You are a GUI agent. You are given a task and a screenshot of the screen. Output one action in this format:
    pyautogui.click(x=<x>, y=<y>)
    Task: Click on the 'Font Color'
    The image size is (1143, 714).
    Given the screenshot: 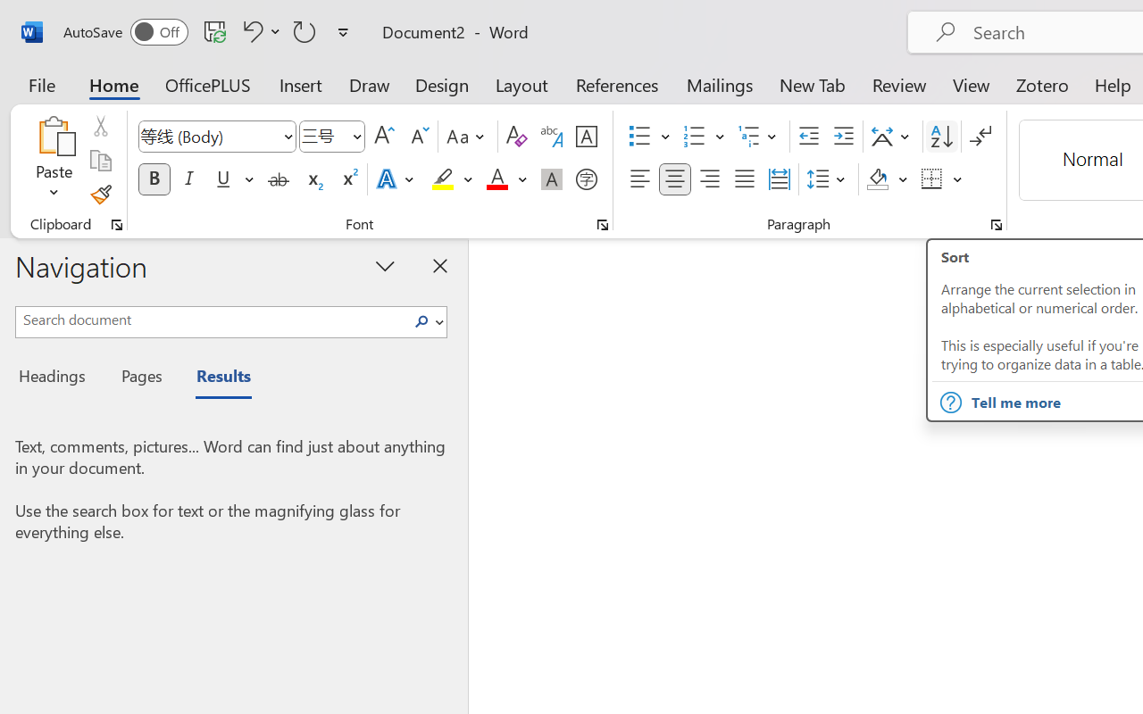 What is the action you would take?
    pyautogui.click(x=505, y=179)
    